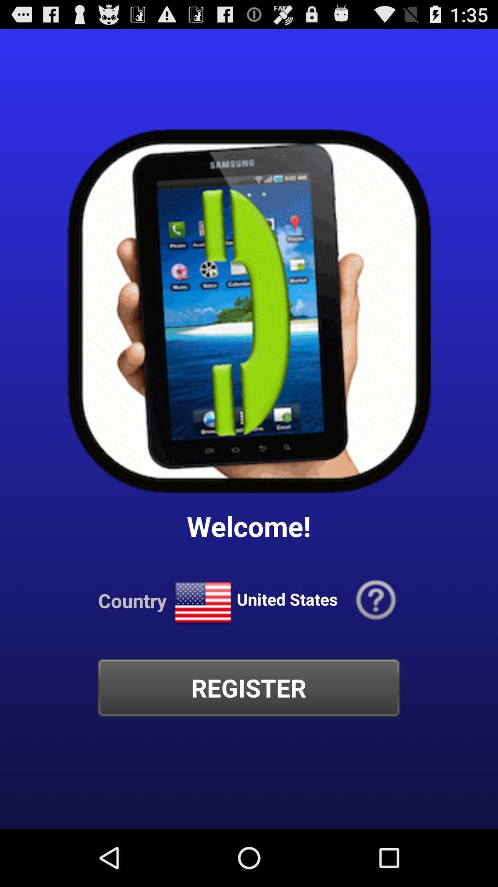 The image size is (498, 887). Describe the element at coordinates (202, 603) in the screenshot. I see `the icon to the right of country item` at that location.